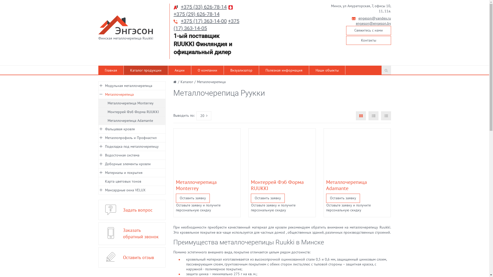  I want to click on '+375 (17) 363-14-05', so click(206, 25).